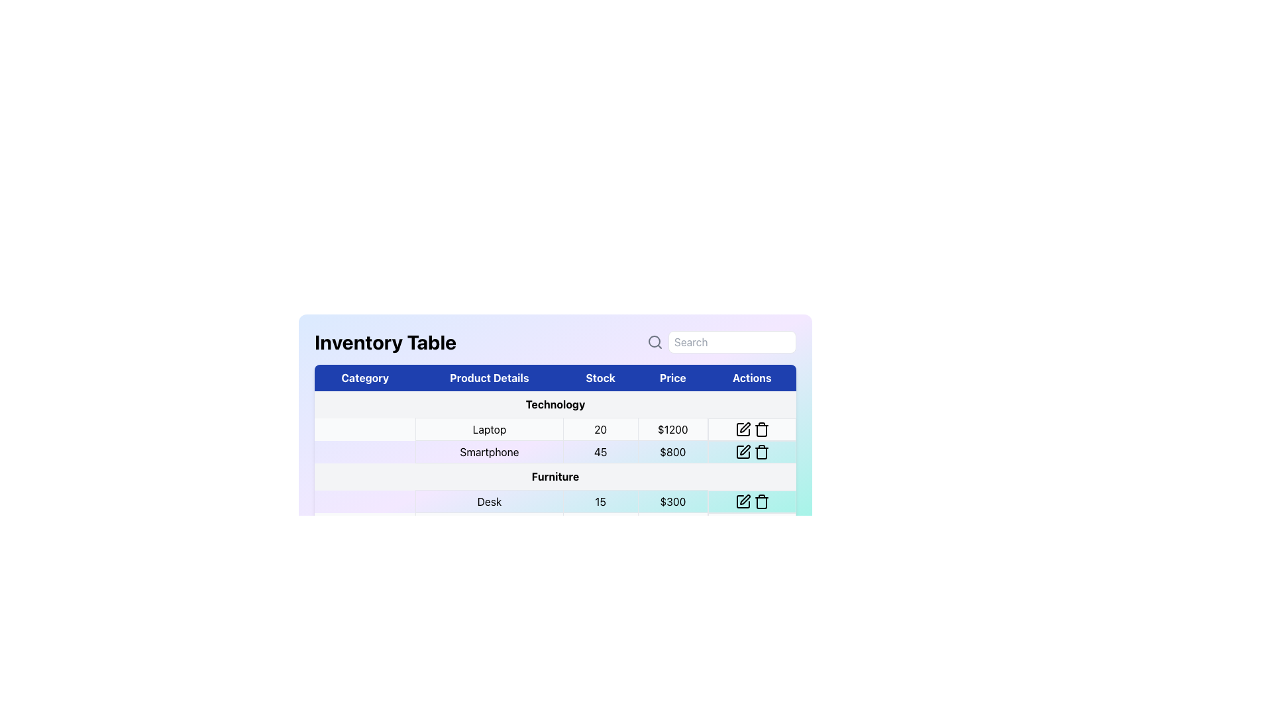  Describe the element at coordinates (672, 377) in the screenshot. I see `the 'Price' column header in the table` at that location.